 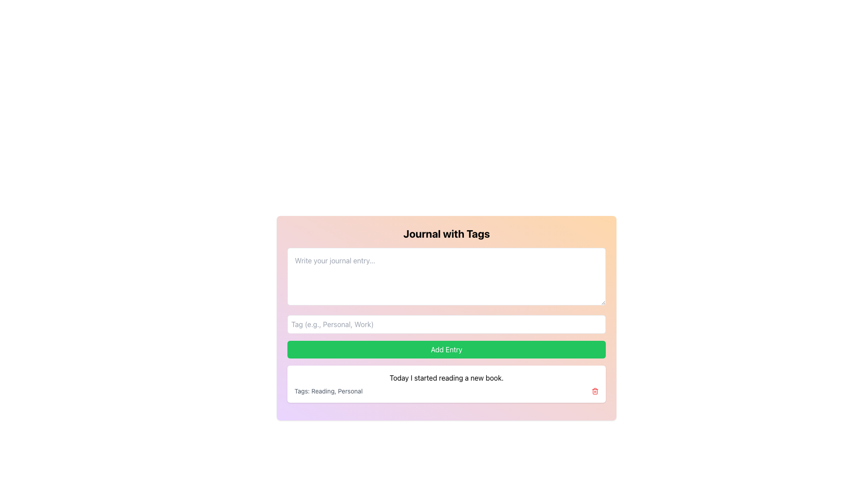 I want to click on the red trash bin icon button that resembles a delete button, so click(x=595, y=390).